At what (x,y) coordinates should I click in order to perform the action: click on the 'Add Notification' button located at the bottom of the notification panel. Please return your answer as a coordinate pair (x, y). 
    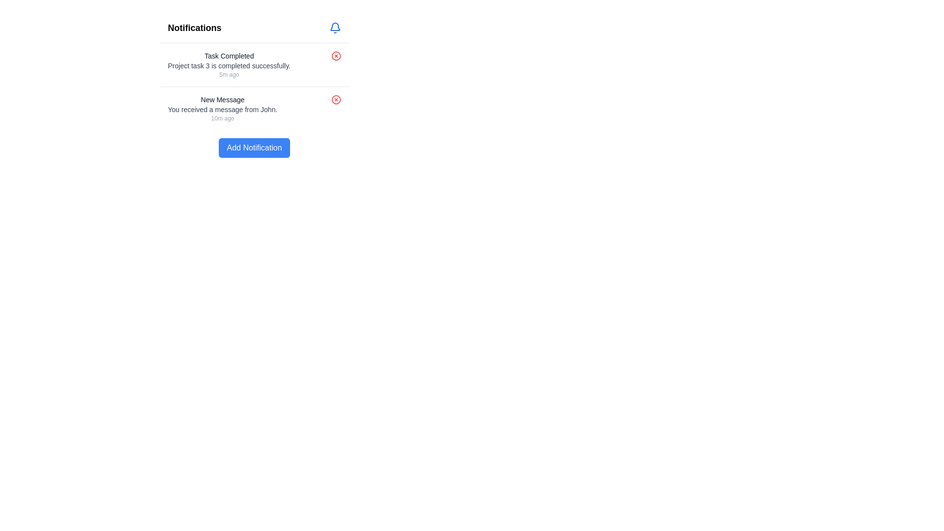
    Looking at the image, I should click on (254, 147).